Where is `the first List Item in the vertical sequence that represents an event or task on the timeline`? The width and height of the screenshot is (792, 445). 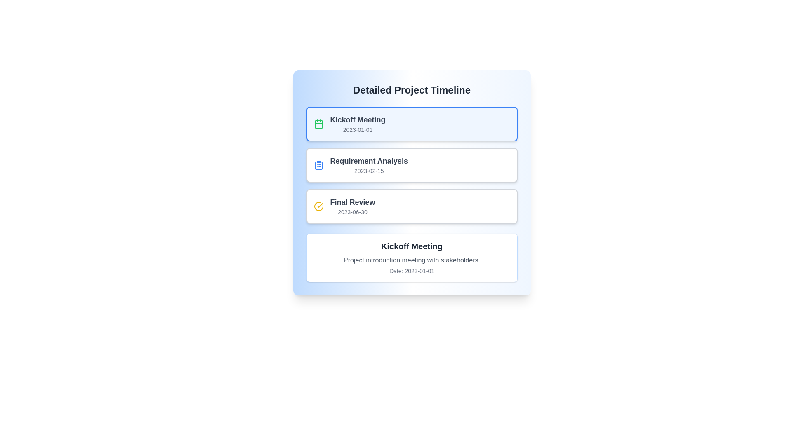 the first List Item in the vertical sequence that represents an event or task on the timeline is located at coordinates (412, 124).